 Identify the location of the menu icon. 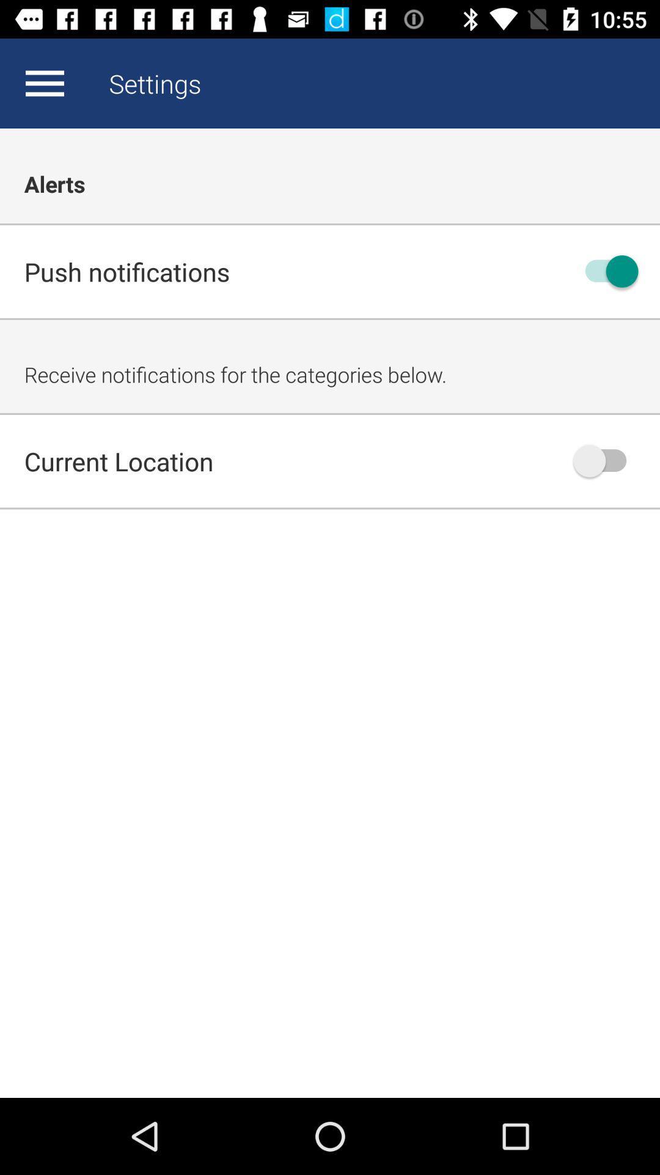
(44, 83).